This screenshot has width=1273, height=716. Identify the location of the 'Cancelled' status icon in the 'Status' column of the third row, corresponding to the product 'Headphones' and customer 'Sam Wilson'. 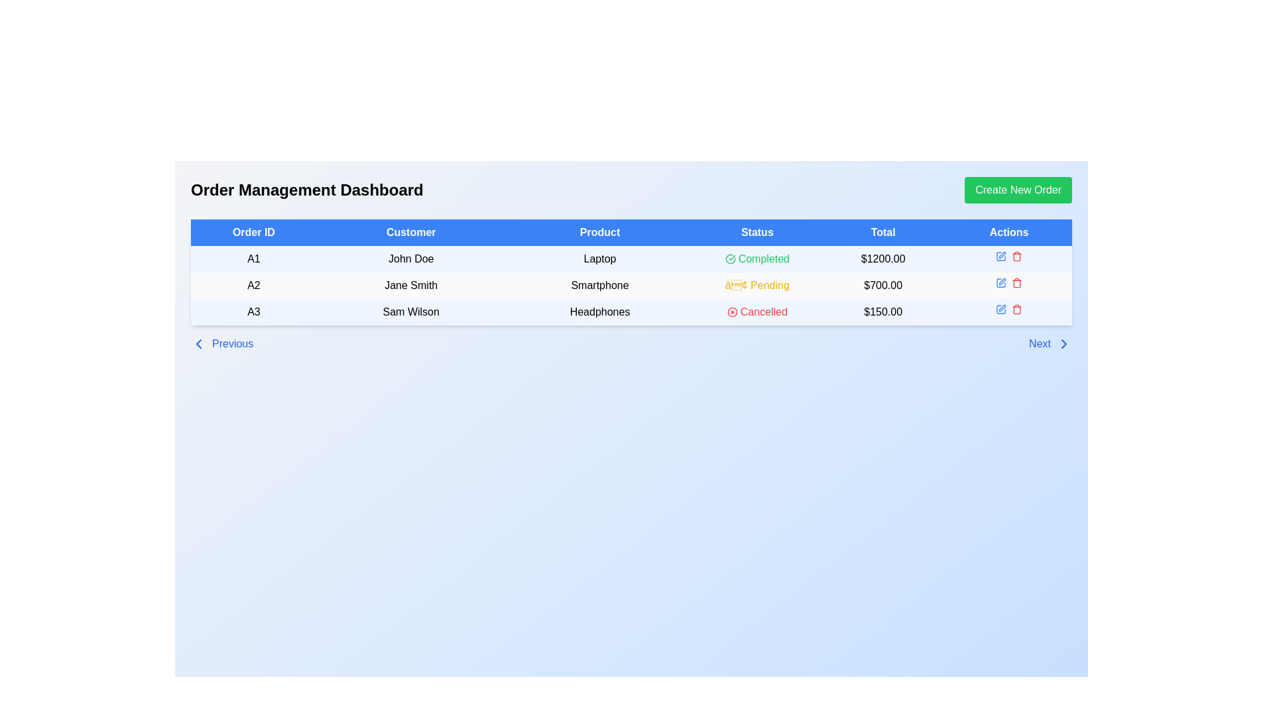
(731, 312).